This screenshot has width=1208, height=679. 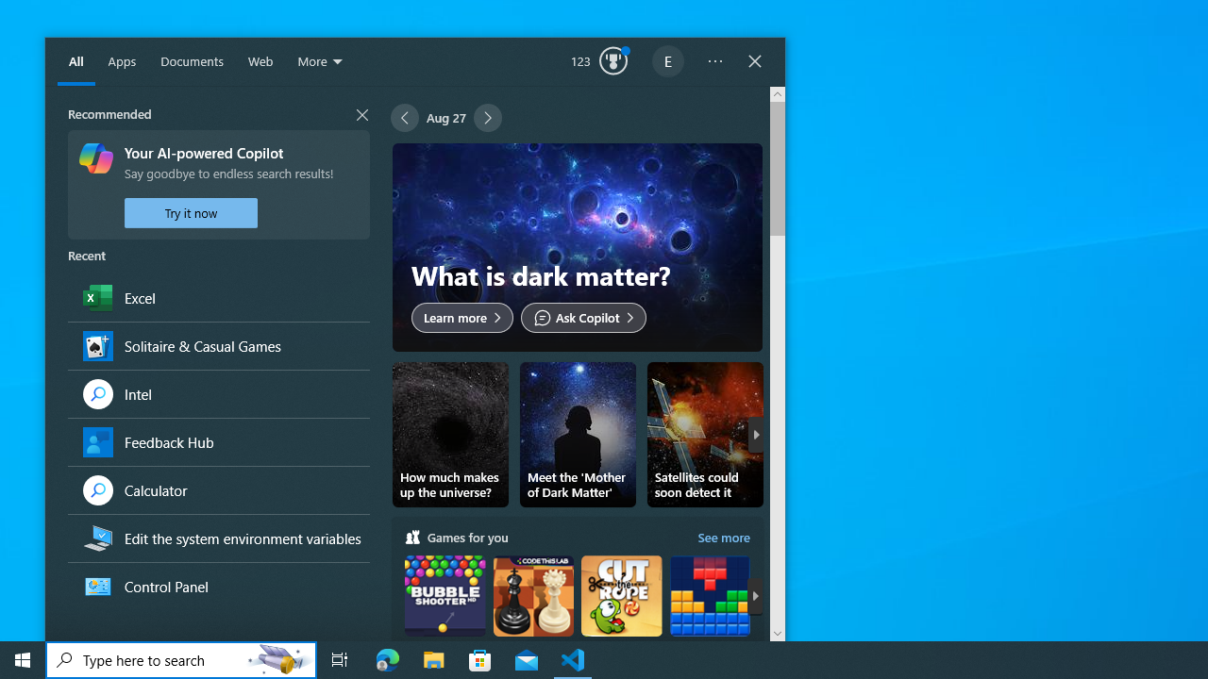 I want to click on 'What is dark matter?', so click(x=576, y=246).